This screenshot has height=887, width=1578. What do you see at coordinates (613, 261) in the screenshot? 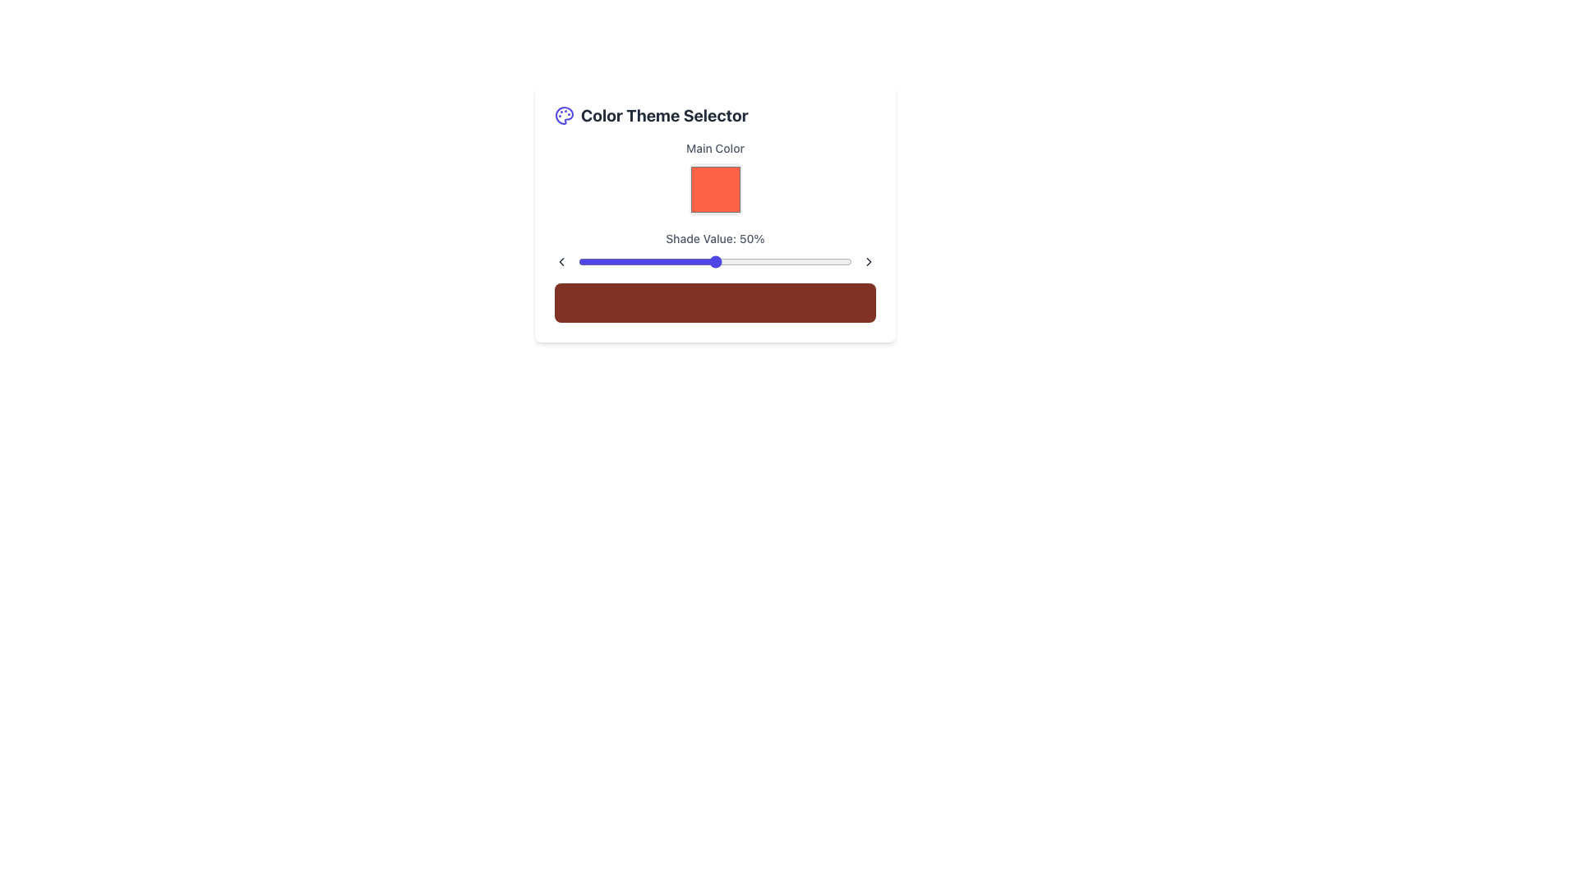
I see `the shade value` at bounding box center [613, 261].